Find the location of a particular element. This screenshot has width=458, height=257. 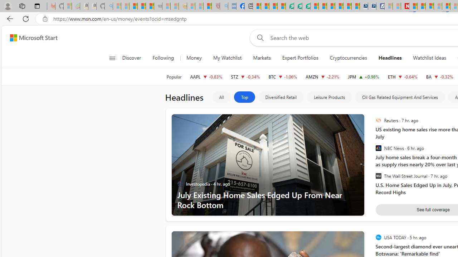

'Recipes - MSN - Sleeping' is located at coordinates (191, 6).